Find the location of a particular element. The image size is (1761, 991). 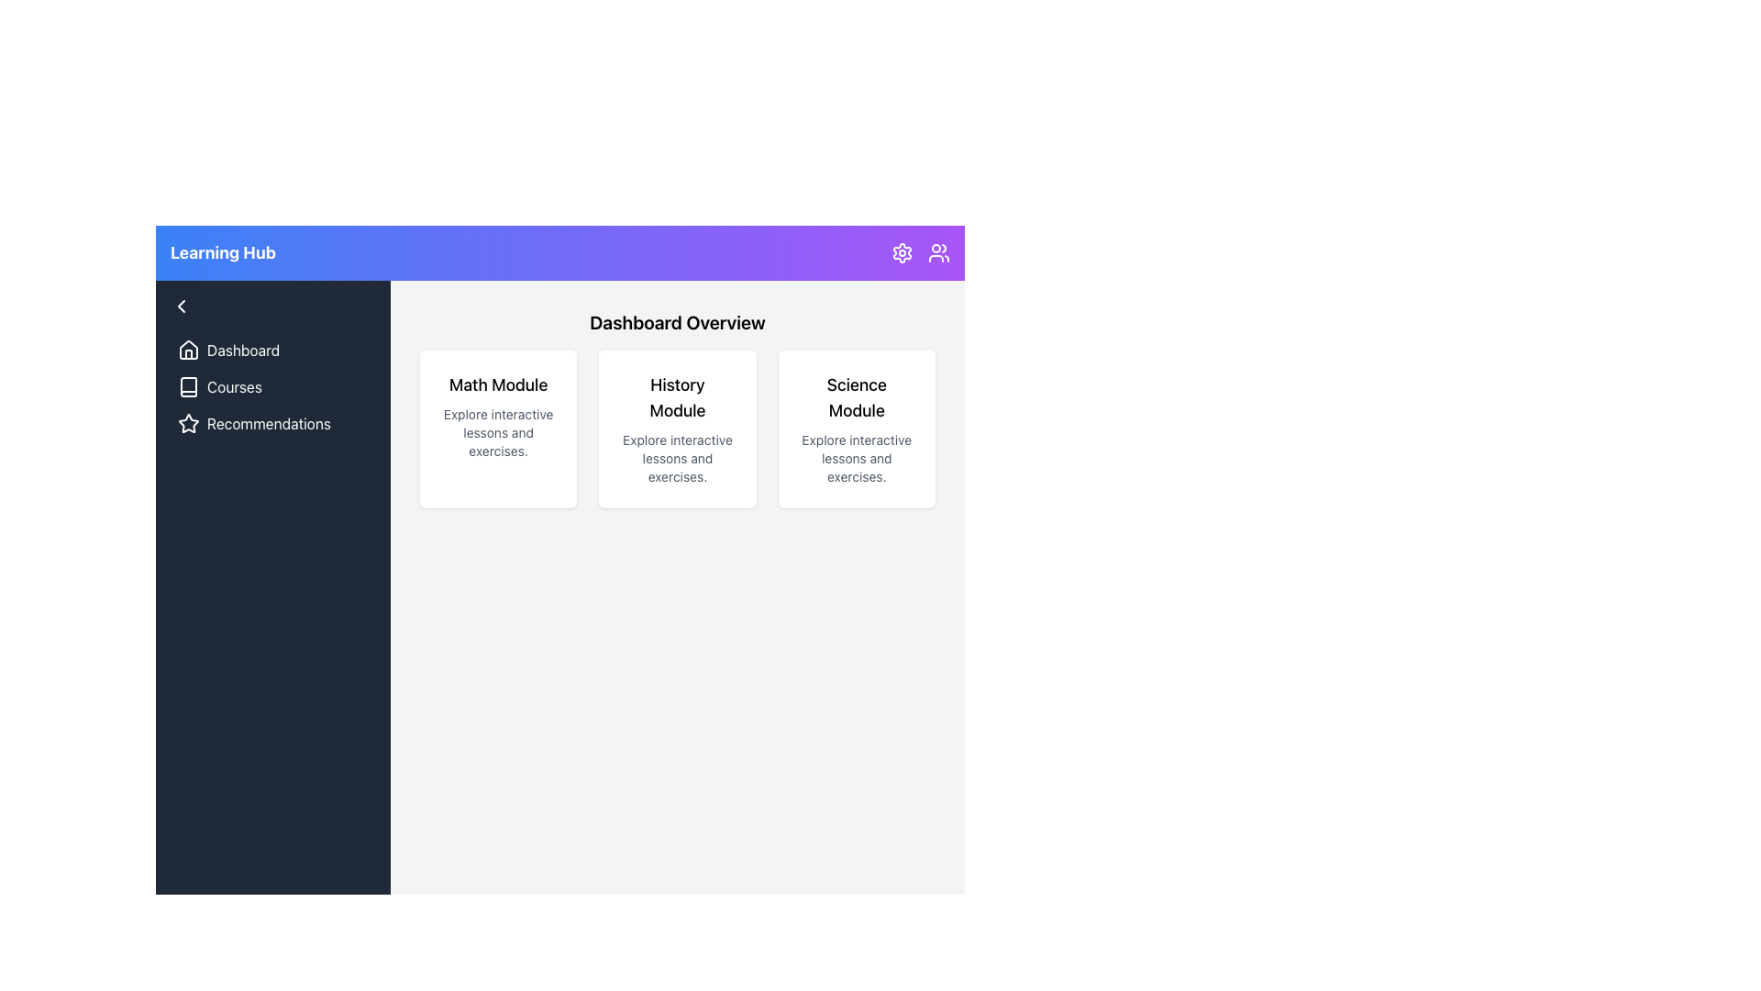

the 'History Module' card, which is the second card in the horizontal series under 'Dashboard Overview' is located at coordinates (676, 429).